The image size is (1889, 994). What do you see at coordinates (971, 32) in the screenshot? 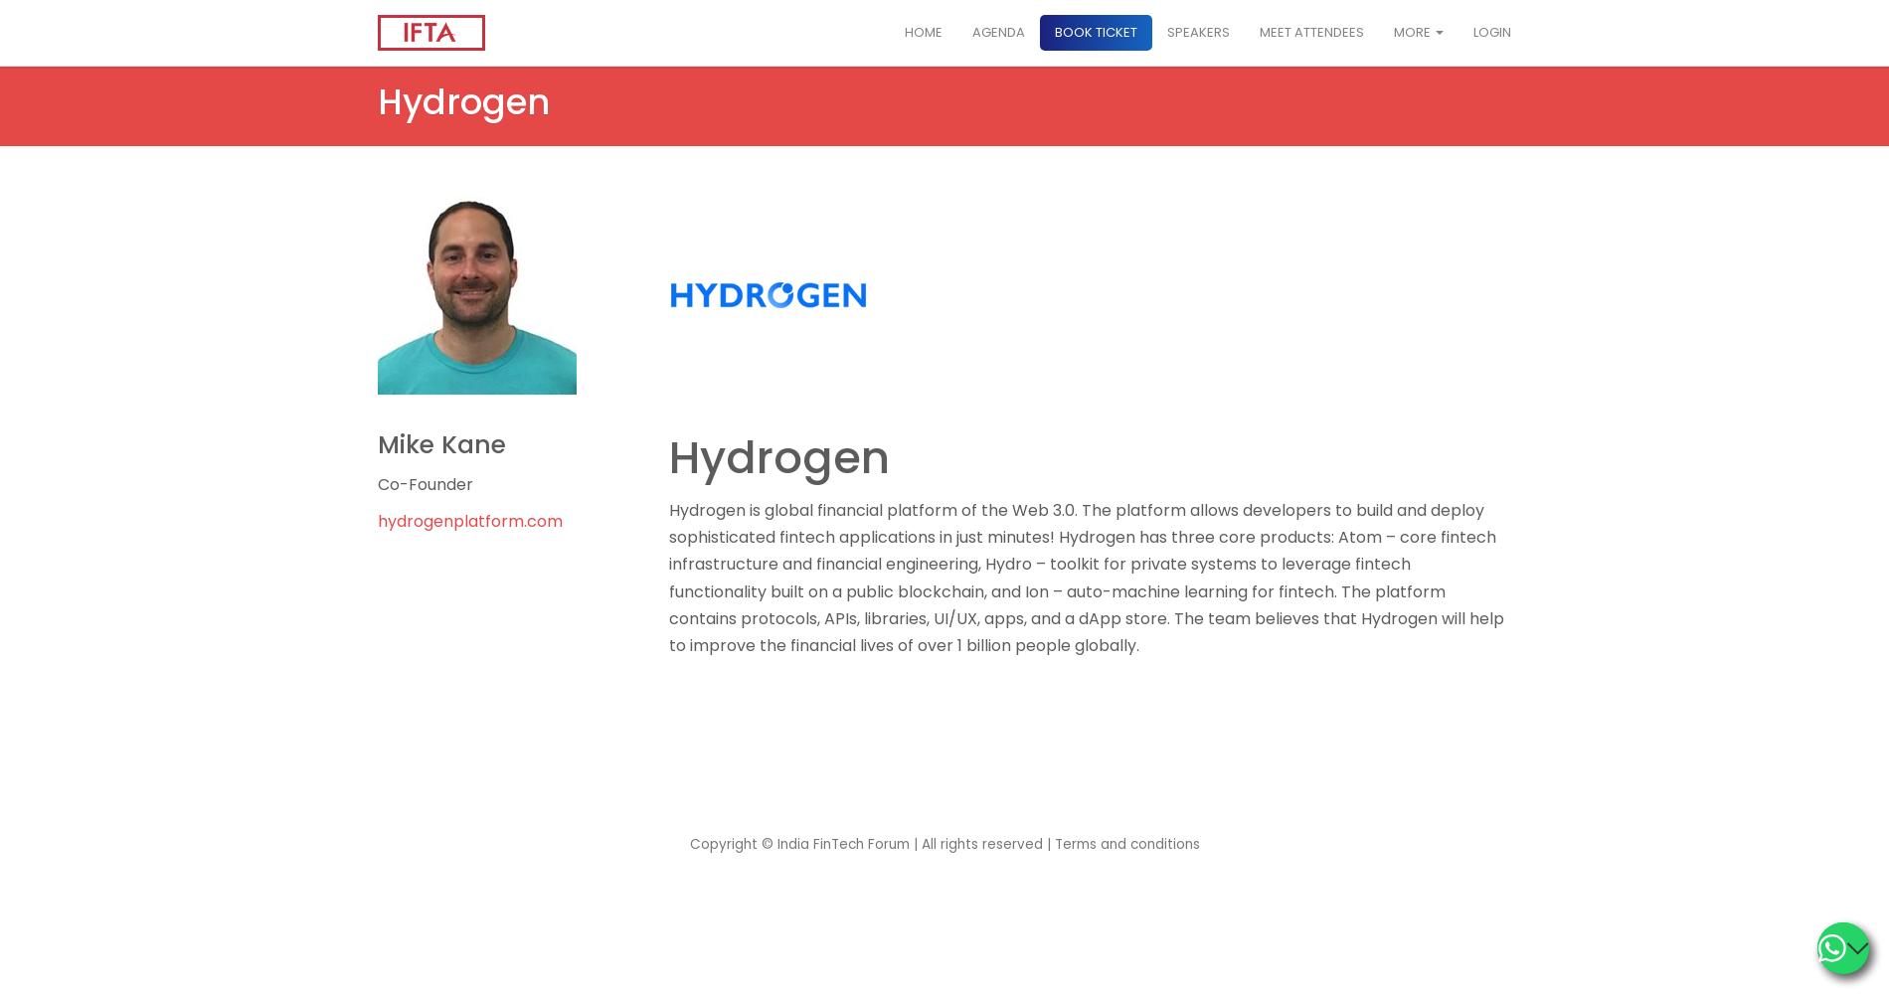
I see `'Agenda'` at bounding box center [971, 32].